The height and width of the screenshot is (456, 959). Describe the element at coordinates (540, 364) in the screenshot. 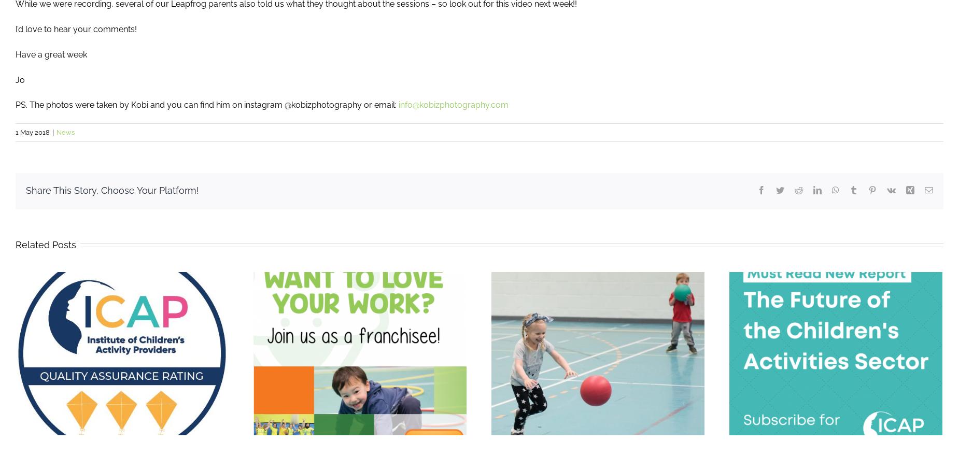

I see `'The Future of the Children’s Activities Sector – Multi-Sports'` at that location.